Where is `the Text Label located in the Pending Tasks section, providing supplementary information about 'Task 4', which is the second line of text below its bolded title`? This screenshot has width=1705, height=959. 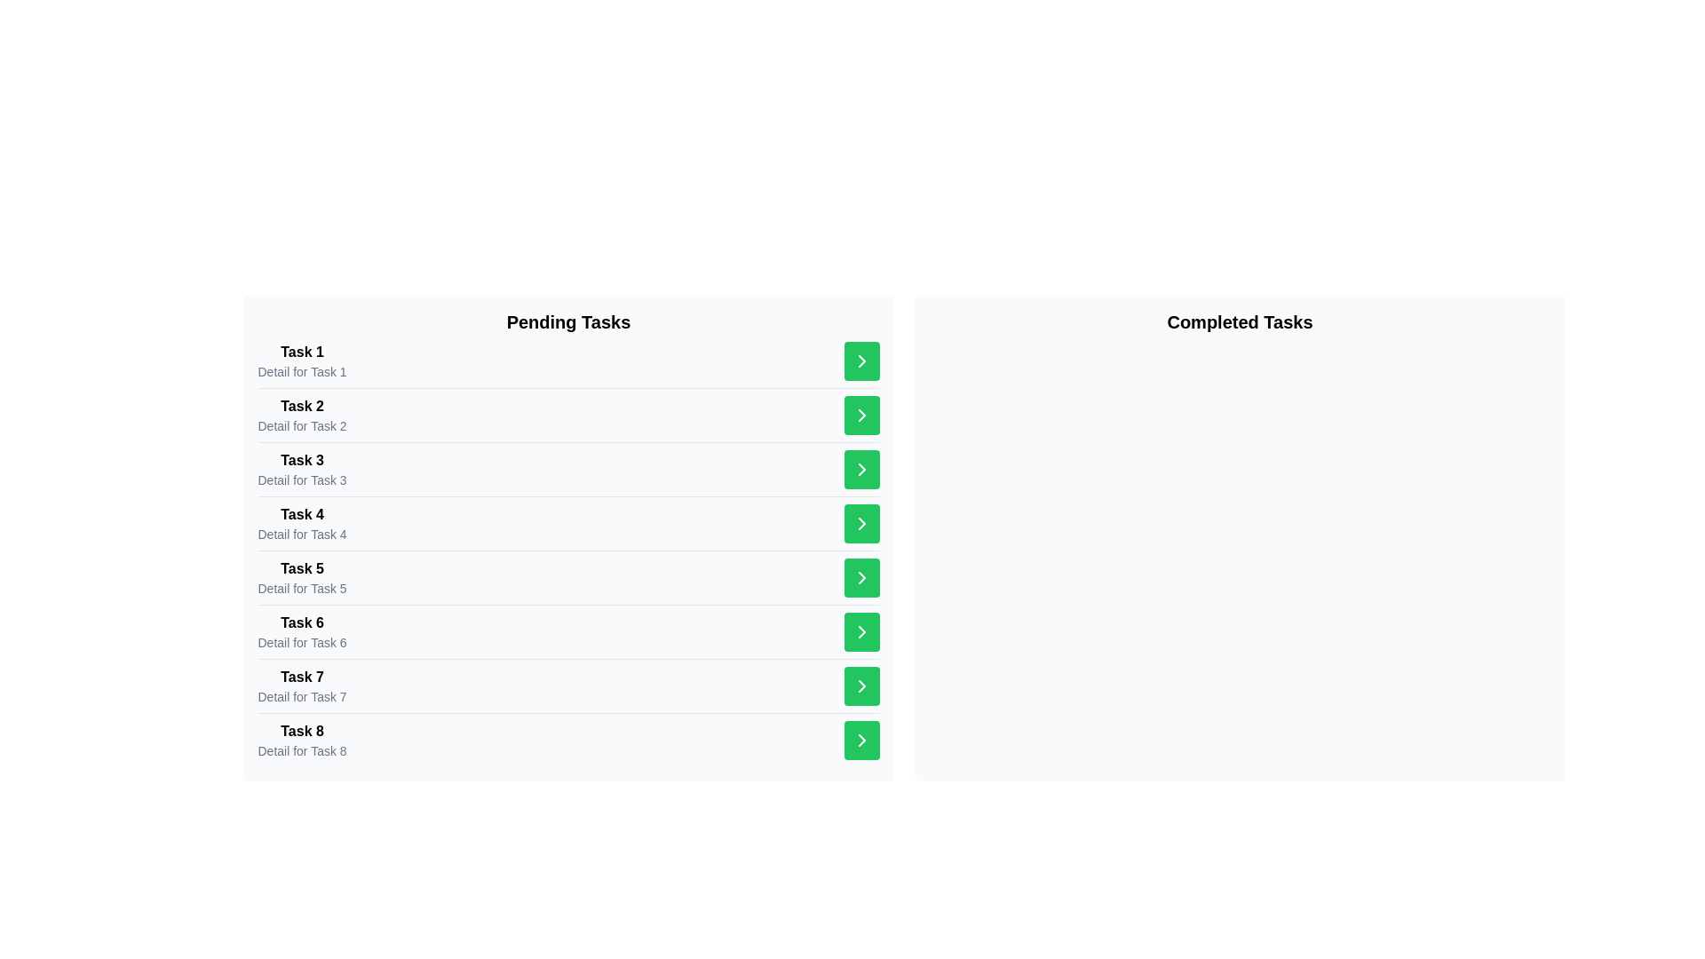
the Text Label located in the Pending Tasks section, providing supplementary information about 'Task 4', which is the second line of text below its bolded title is located at coordinates (302, 533).